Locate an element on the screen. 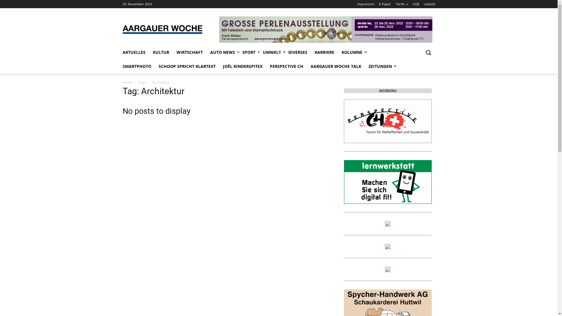 This screenshot has height=316, width=562. 'SMARTPHOTO' is located at coordinates (136, 66).